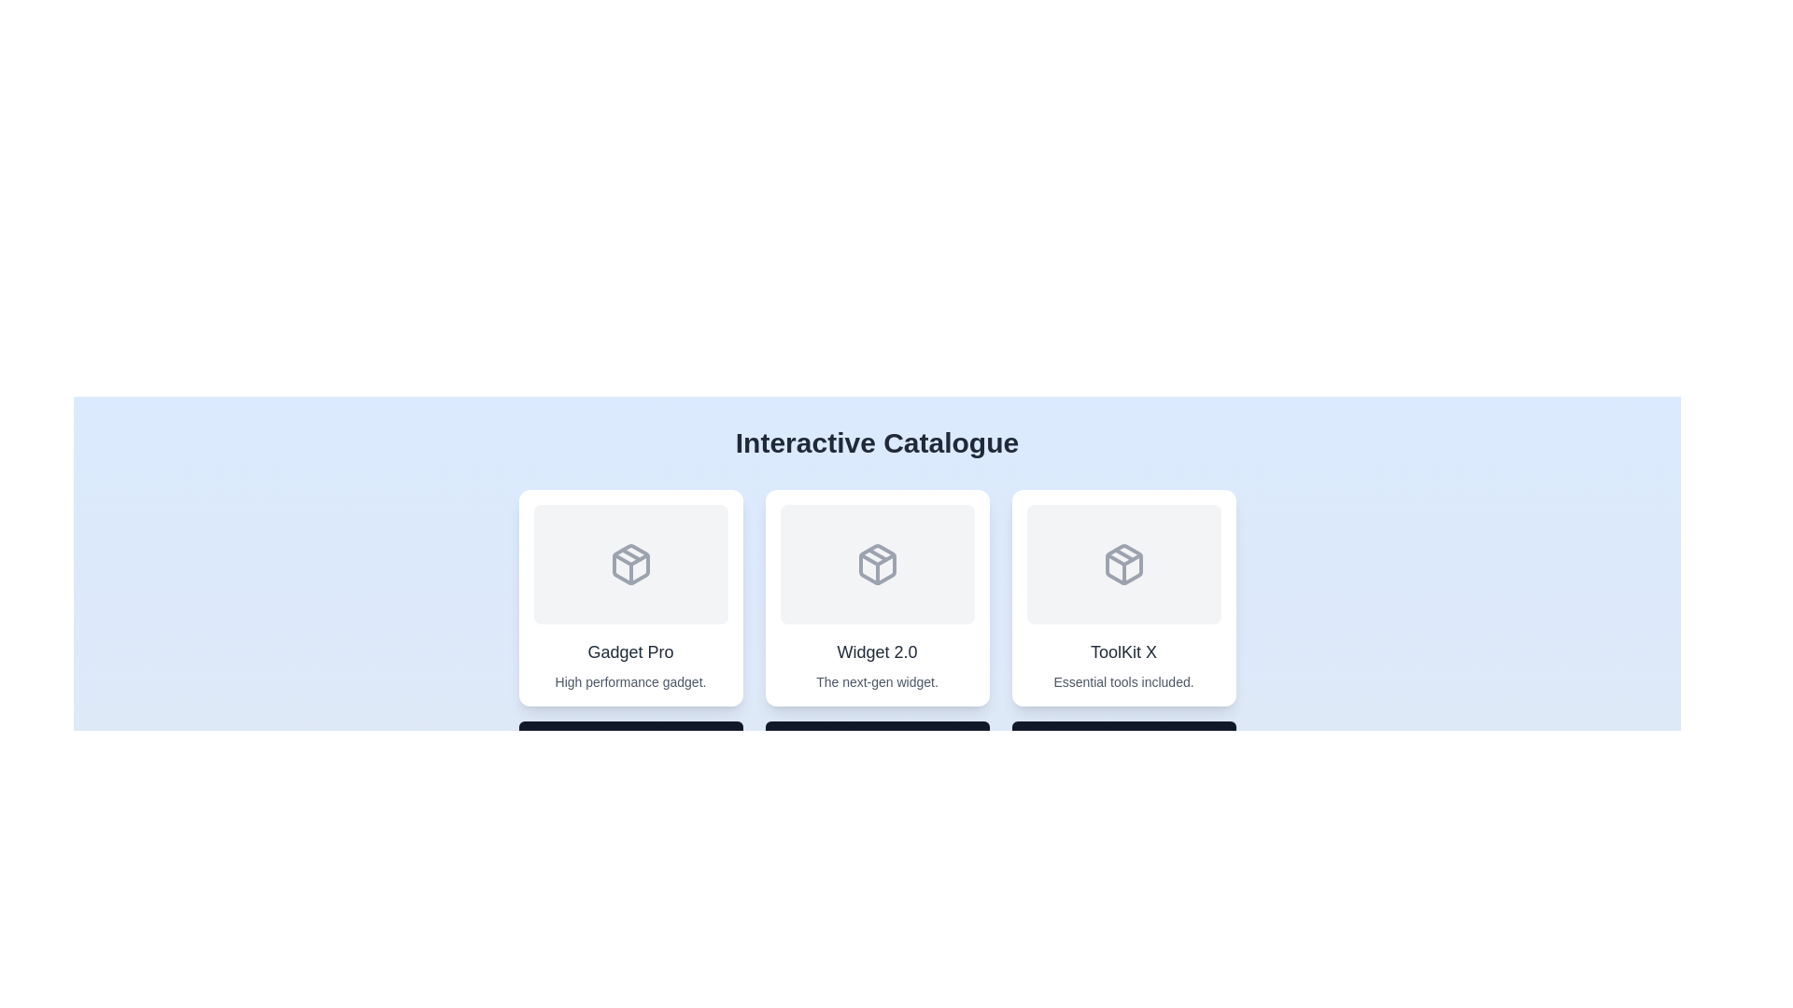  Describe the element at coordinates (876, 597) in the screenshot. I see `the card component for 'Widget 2.0' located` at that location.